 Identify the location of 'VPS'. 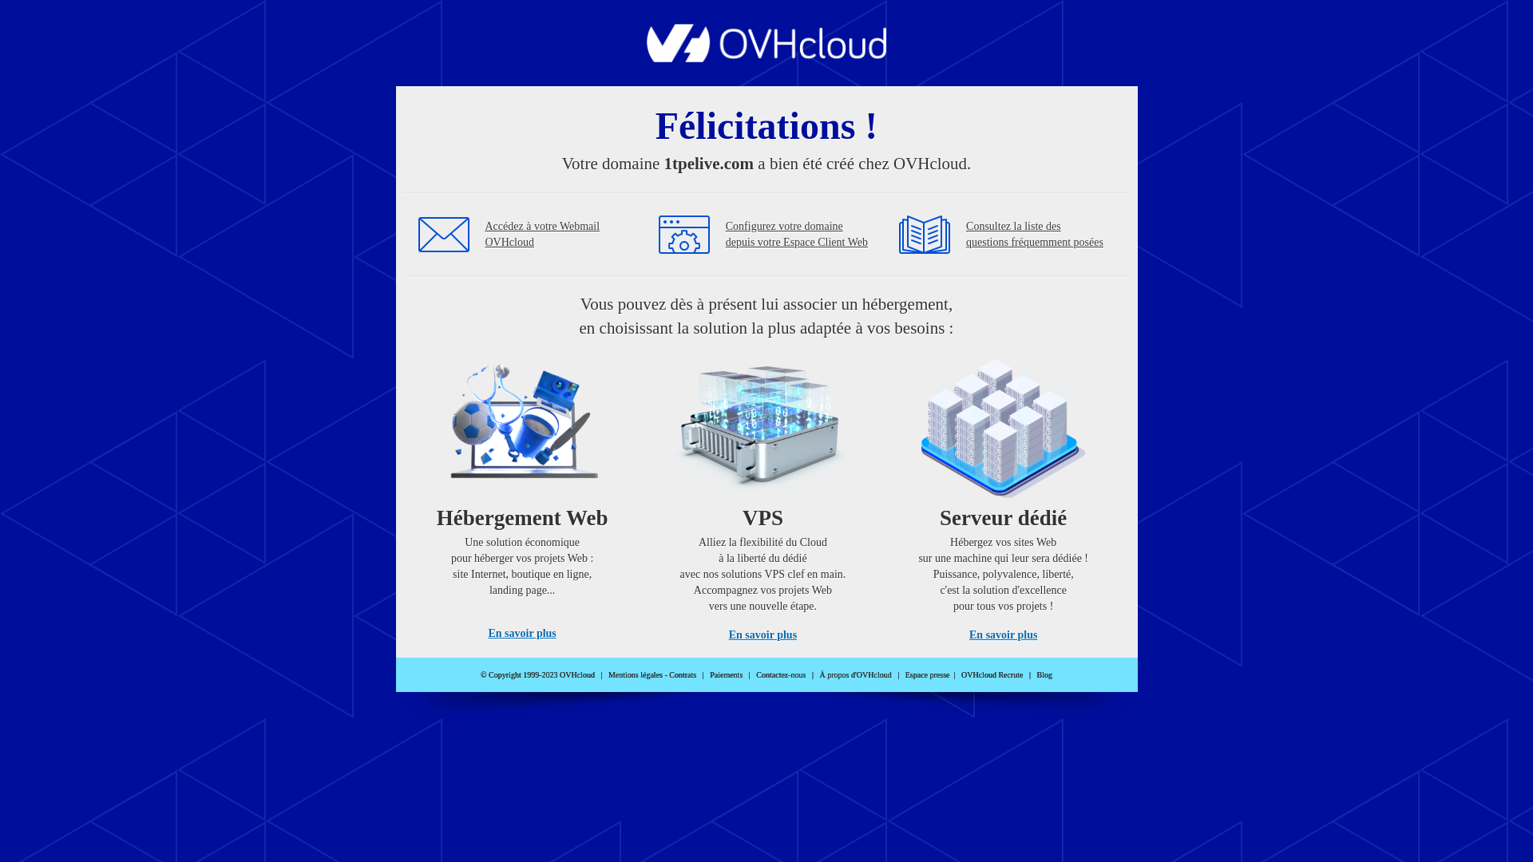
(762, 493).